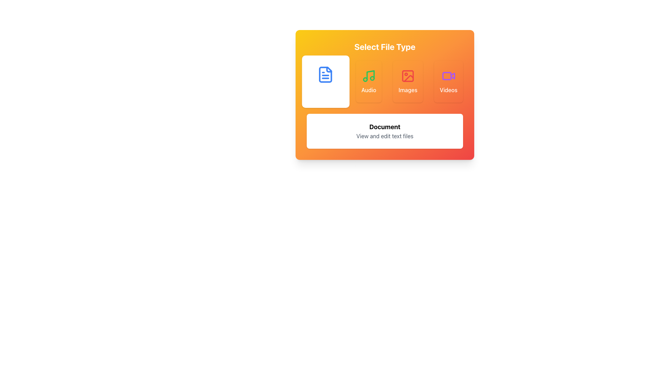 The height and width of the screenshot is (377, 670). What do you see at coordinates (325, 74) in the screenshot?
I see `the main document icon of the file type selection interface, which is the first icon from the left in the top row of the file type selection section` at bounding box center [325, 74].